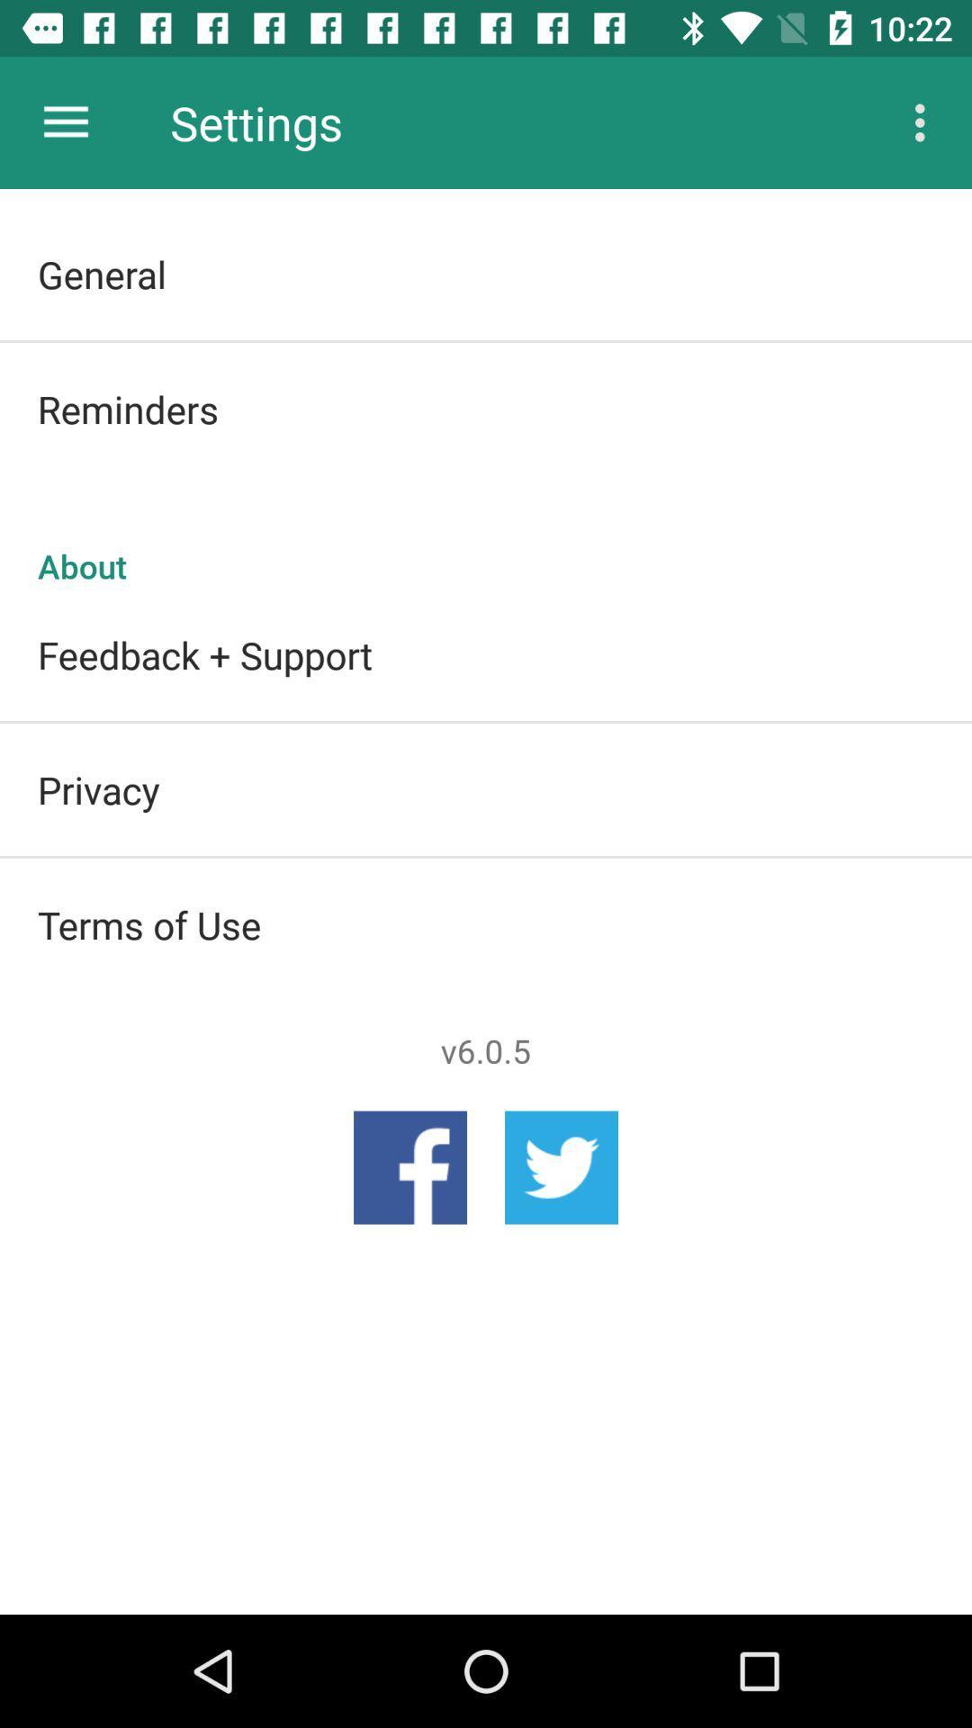 Image resolution: width=972 pixels, height=1728 pixels. Describe the element at coordinates (65, 121) in the screenshot. I see `icon above the general item` at that location.